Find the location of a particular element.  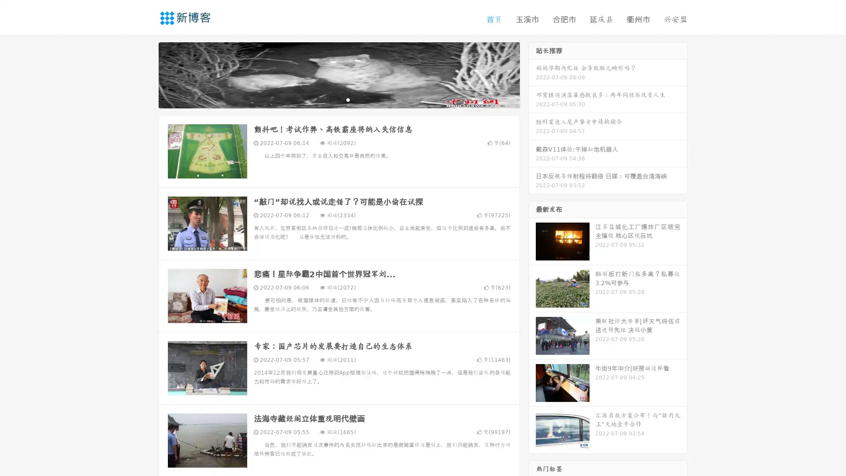

Go to slide 1 is located at coordinates (330, 99).